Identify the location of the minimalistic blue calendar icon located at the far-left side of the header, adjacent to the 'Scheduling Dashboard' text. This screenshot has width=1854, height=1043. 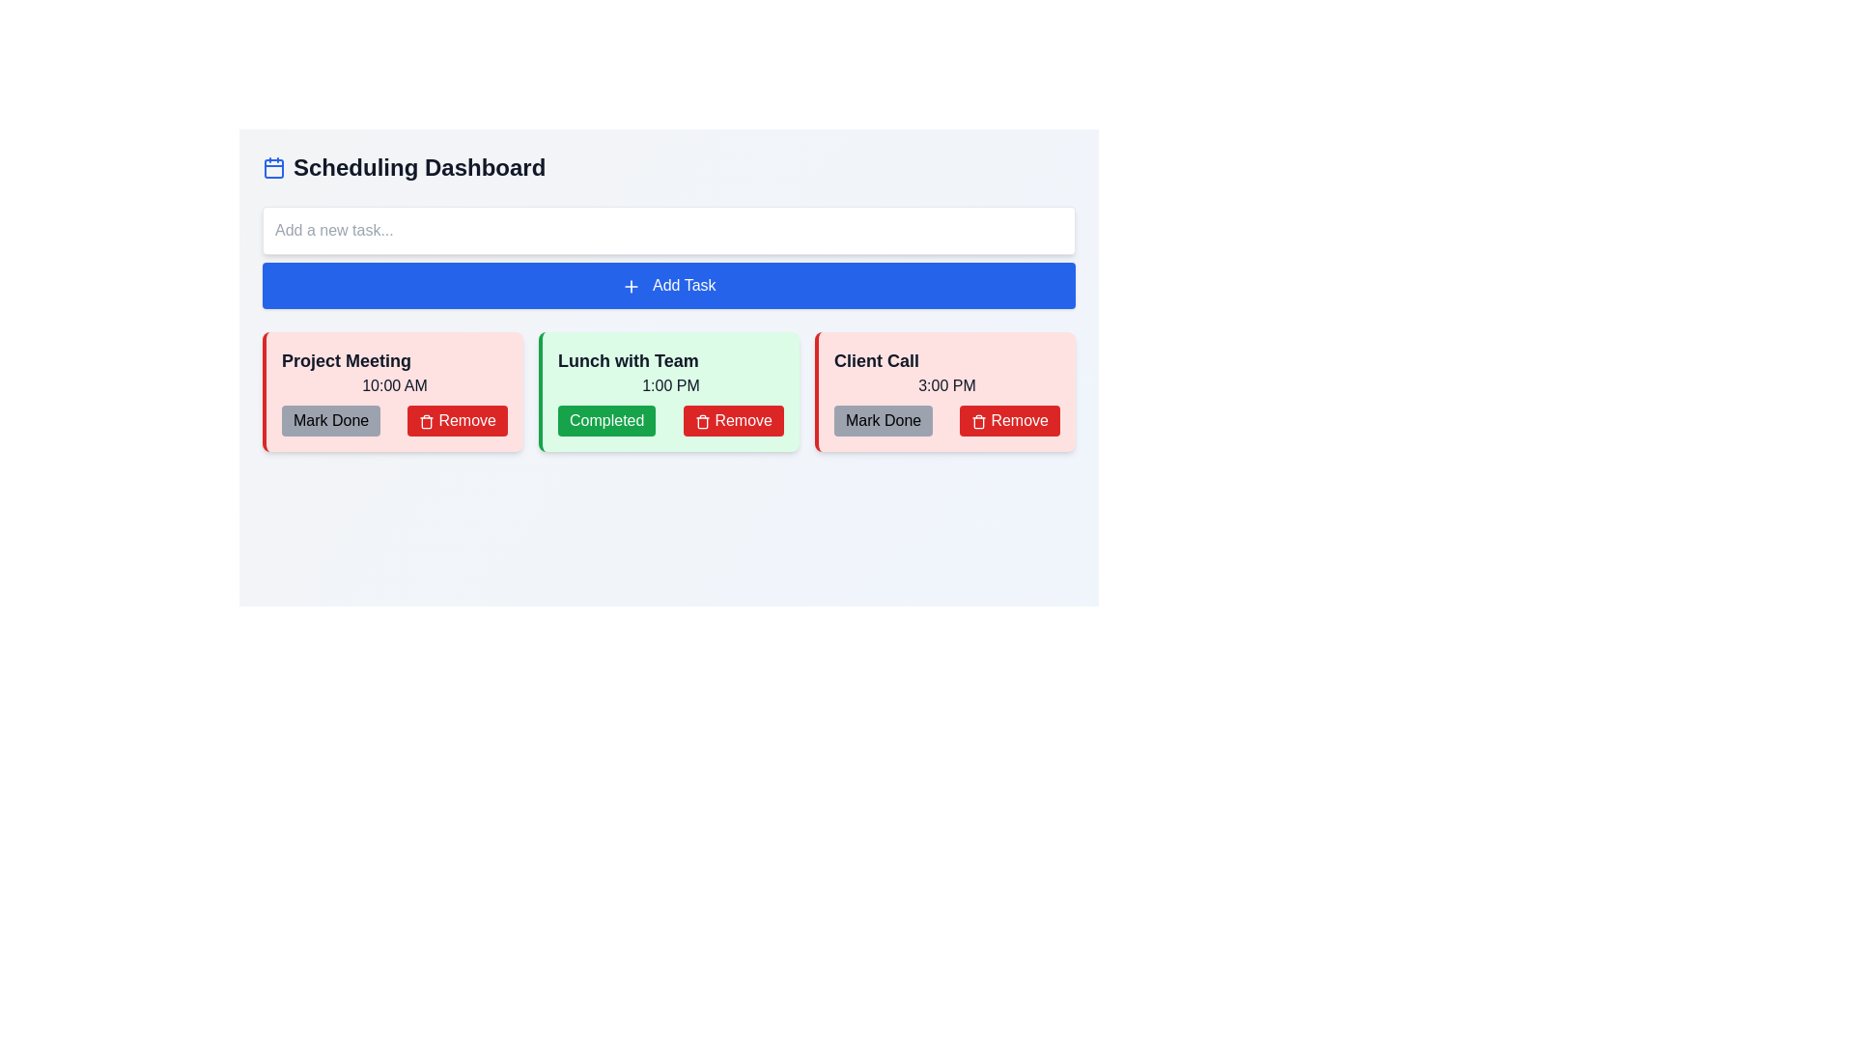
(272, 166).